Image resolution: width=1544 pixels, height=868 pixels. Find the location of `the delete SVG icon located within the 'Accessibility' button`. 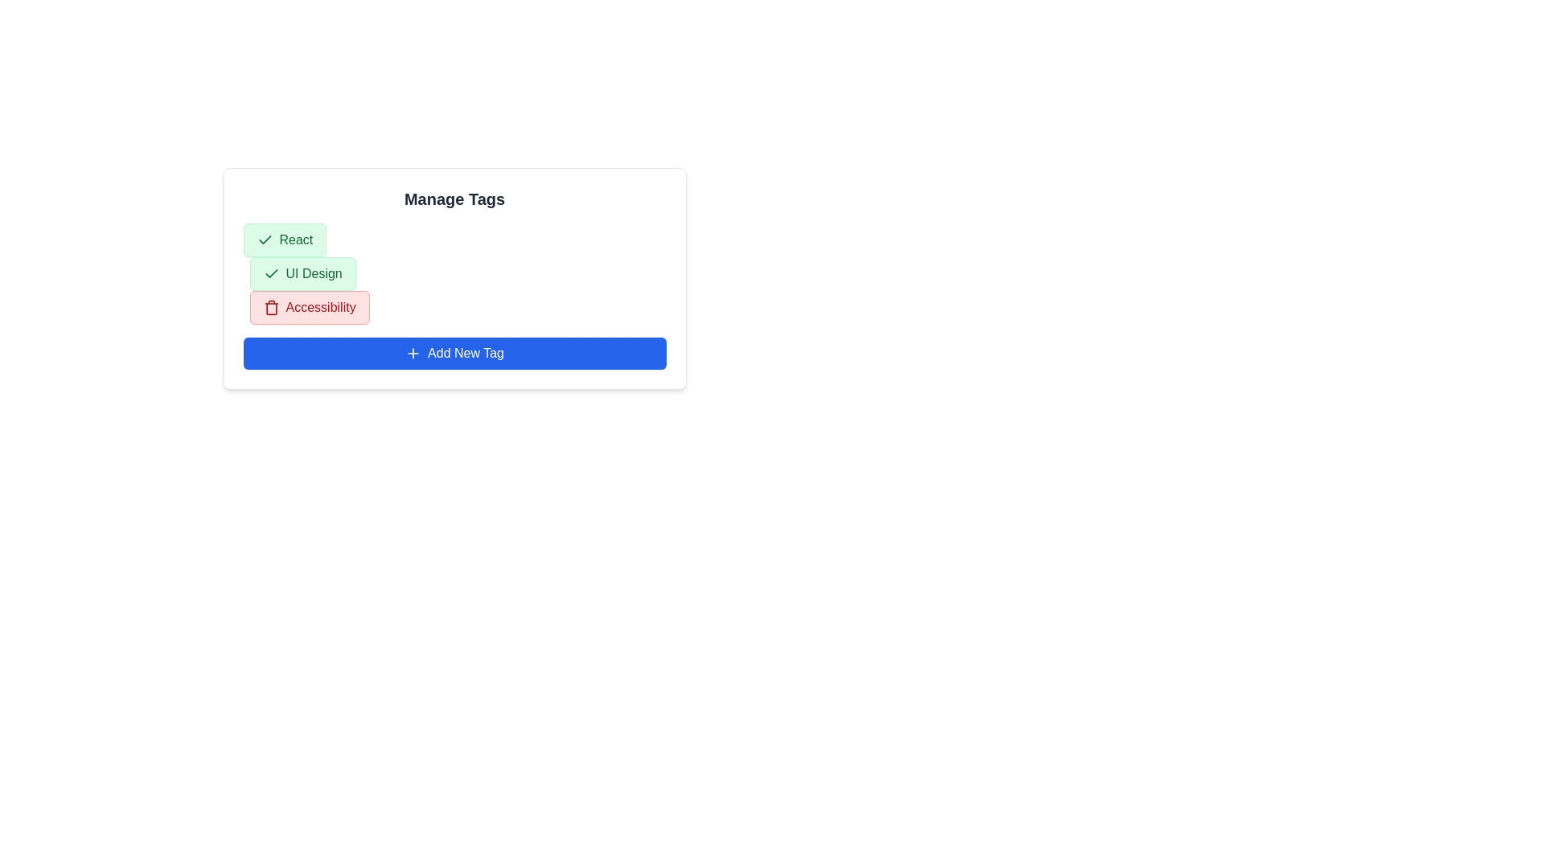

the delete SVG icon located within the 'Accessibility' button is located at coordinates (271, 307).